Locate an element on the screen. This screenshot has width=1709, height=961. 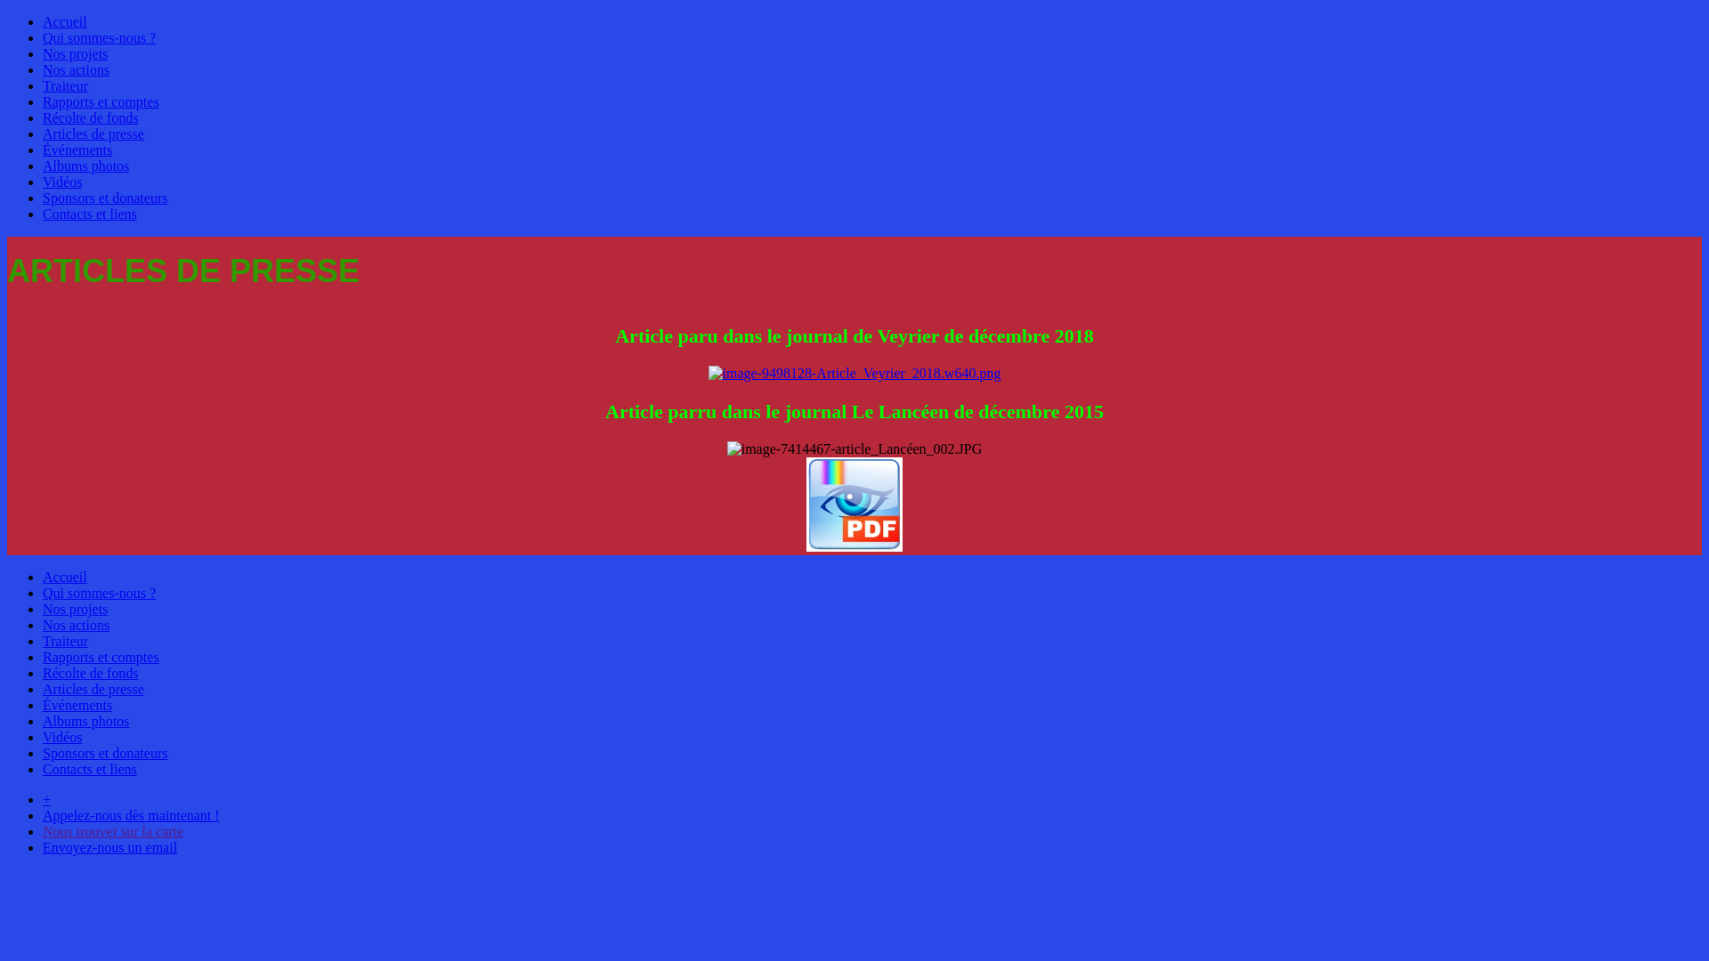
'Nous trouver sur la carte' is located at coordinates (111, 831).